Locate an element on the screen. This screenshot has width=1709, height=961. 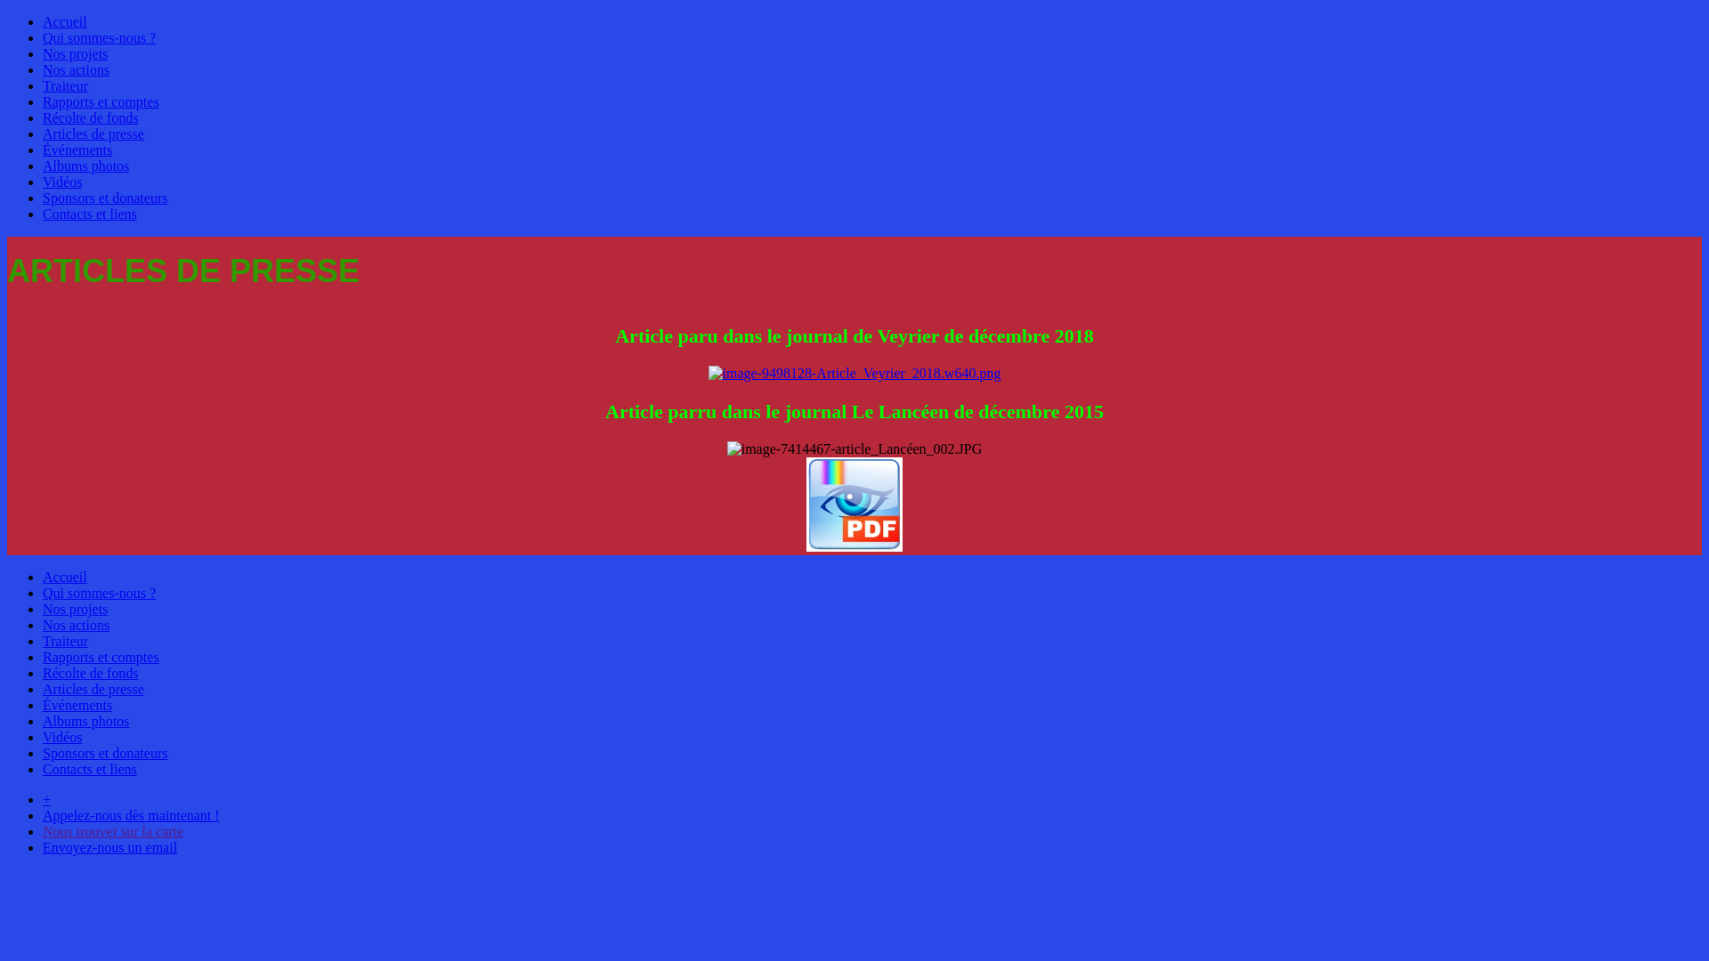
'Nous trouver sur la carte' is located at coordinates (111, 831).